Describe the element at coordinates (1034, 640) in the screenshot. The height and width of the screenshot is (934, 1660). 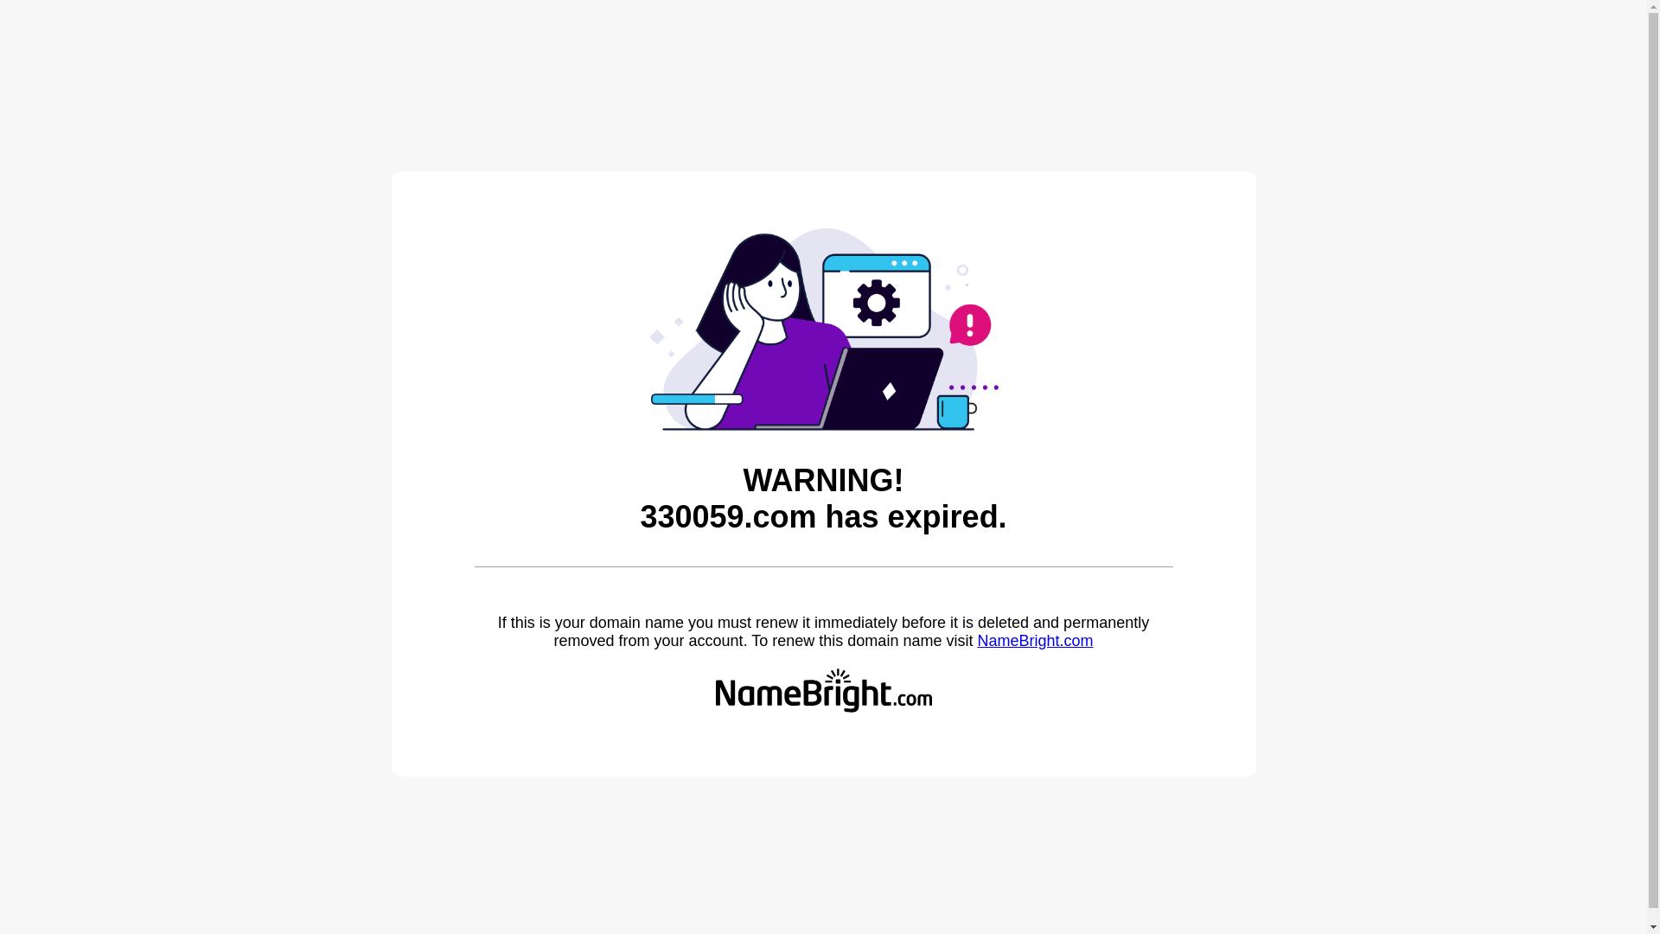
I see `'NameBright.com'` at that location.